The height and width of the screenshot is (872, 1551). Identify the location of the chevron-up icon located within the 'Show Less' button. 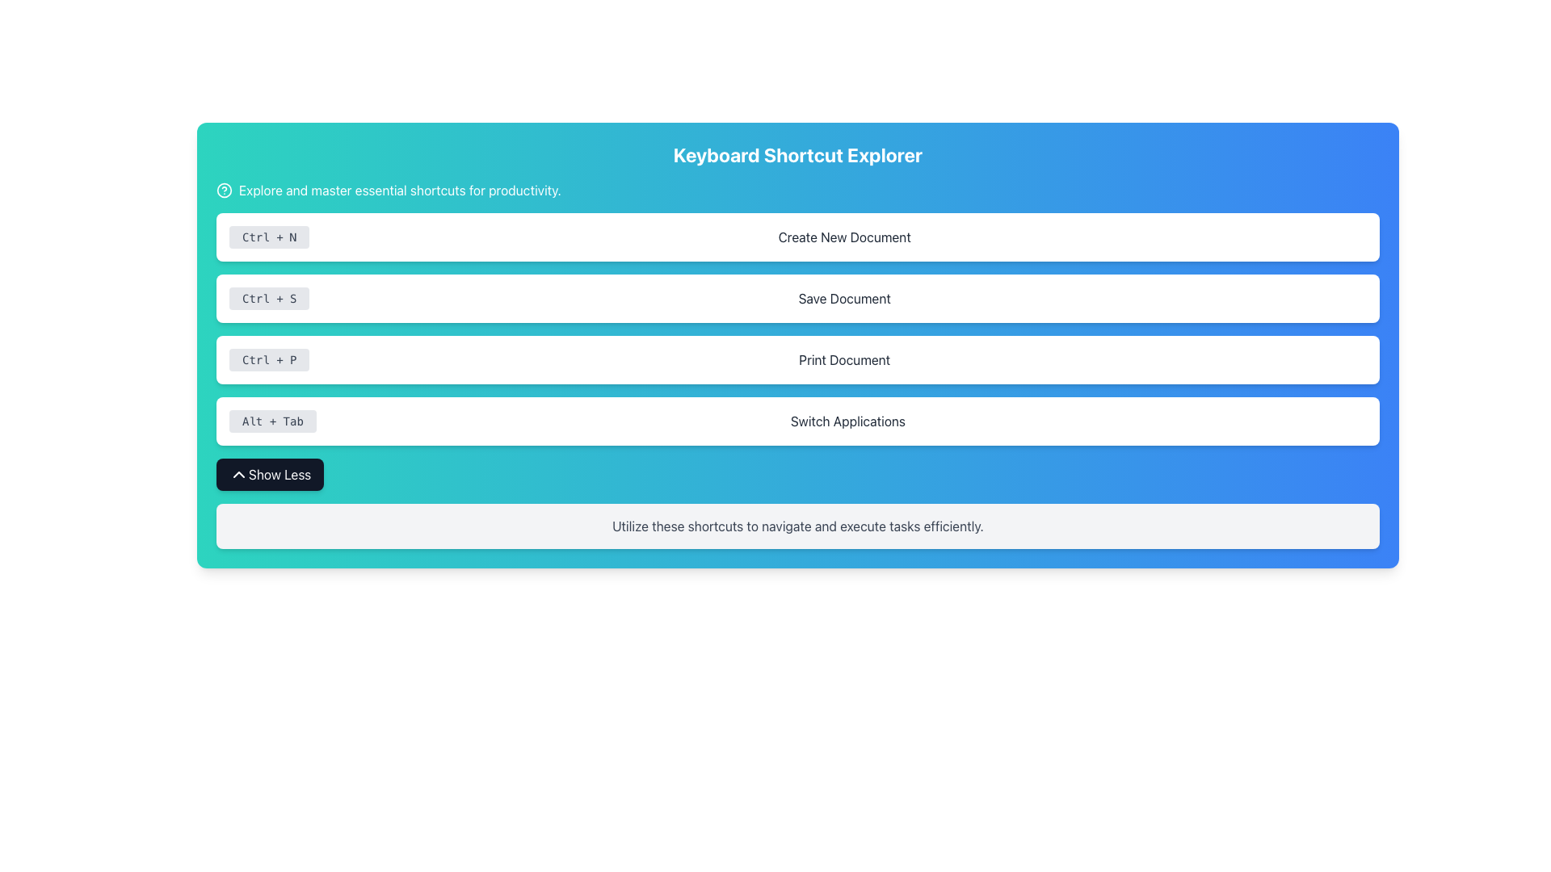
(238, 473).